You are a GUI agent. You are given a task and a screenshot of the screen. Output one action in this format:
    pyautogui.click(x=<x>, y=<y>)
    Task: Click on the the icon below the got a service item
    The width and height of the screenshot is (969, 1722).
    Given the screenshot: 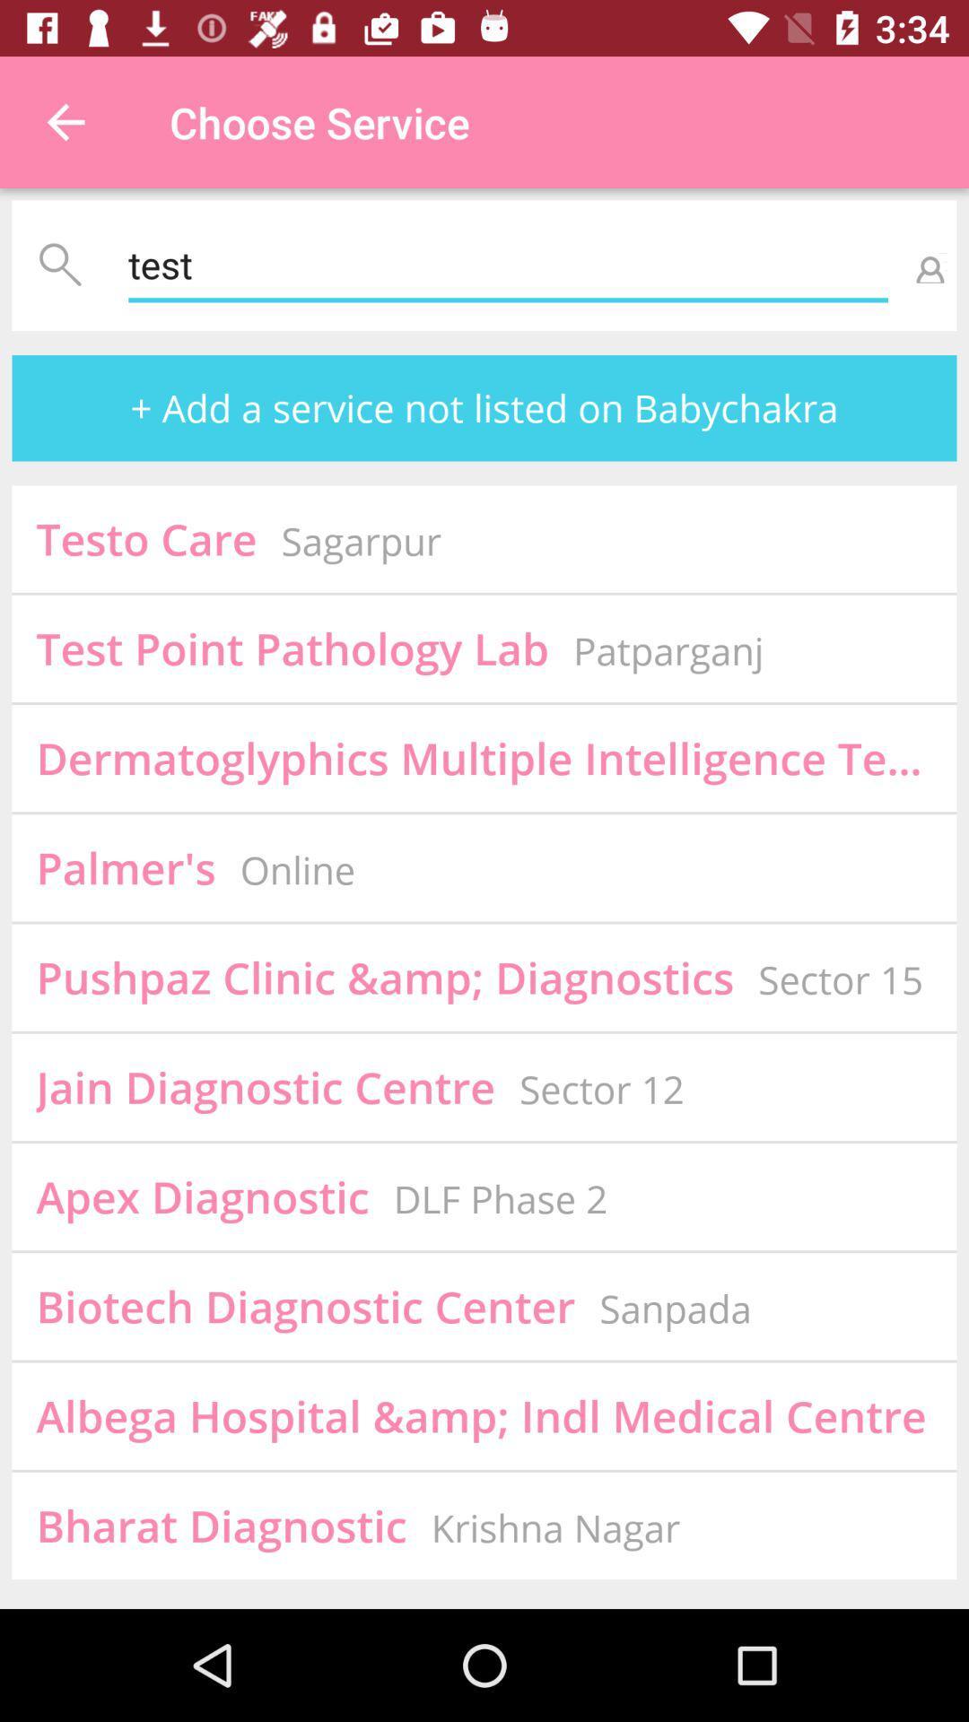 What is the action you would take?
    pyautogui.click(x=125, y=867)
    